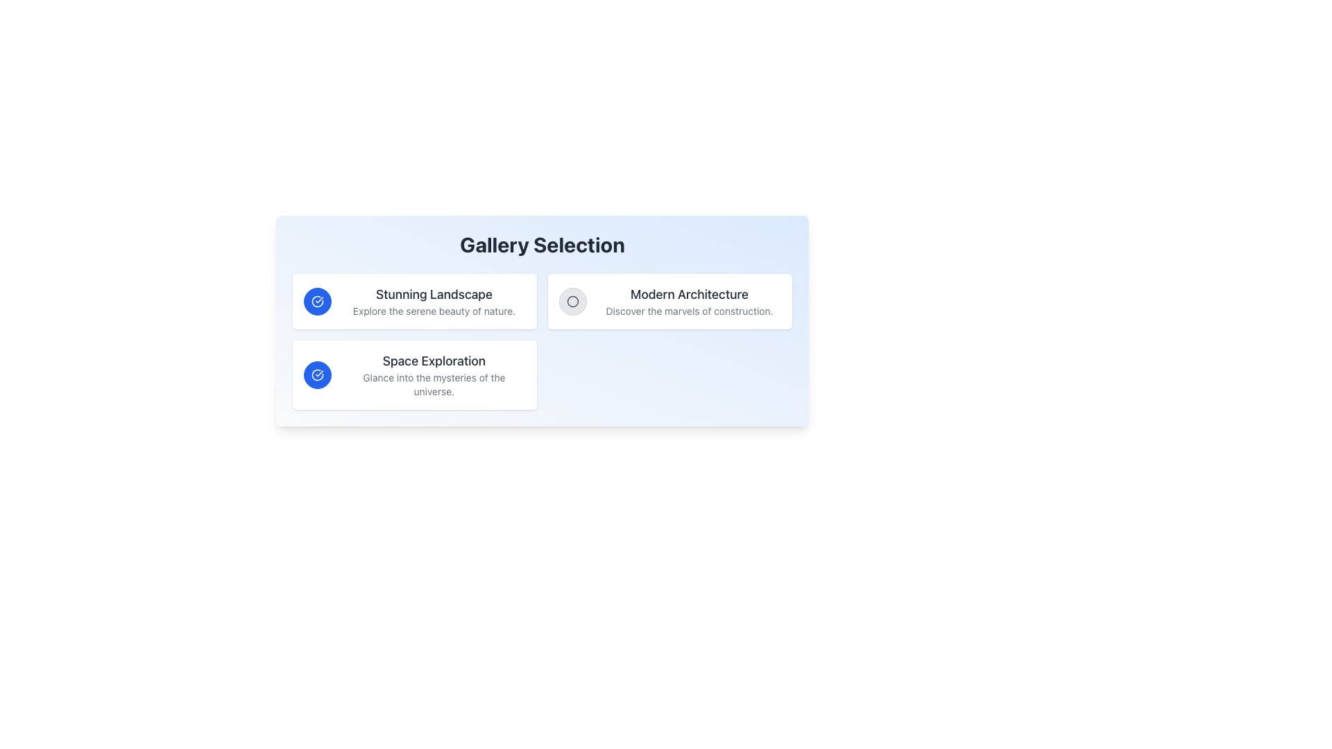 The image size is (1332, 749). Describe the element at coordinates (316, 374) in the screenshot. I see `the small circular graphical element representing a segment of a larger circle within the 'Stunning Landscape' gallery selection area` at that location.